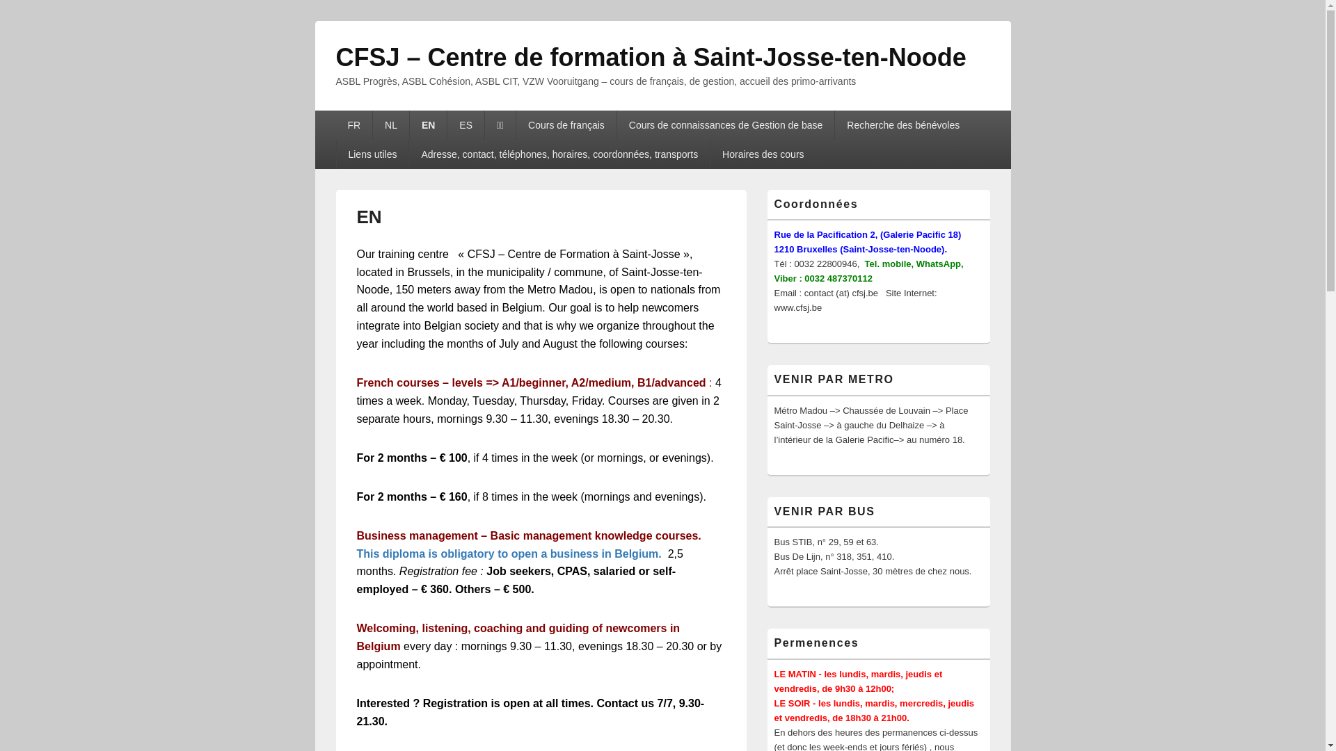 This screenshot has width=1336, height=751. Describe the element at coordinates (507, 553) in the screenshot. I see `'This diploma is obligatory to open a business in Belgium.'` at that location.